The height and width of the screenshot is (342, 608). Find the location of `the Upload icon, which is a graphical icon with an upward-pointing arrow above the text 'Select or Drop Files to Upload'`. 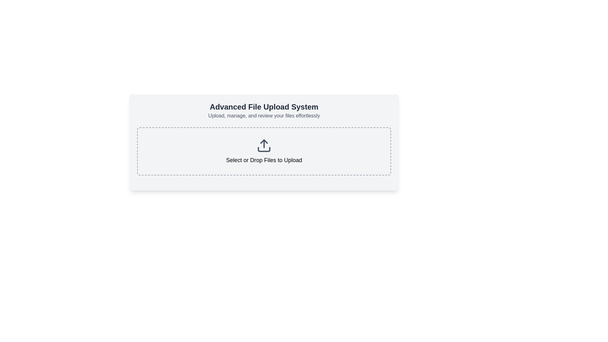

the Upload icon, which is a graphical icon with an upward-pointing arrow above the text 'Select or Drop Files to Upload' is located at coordinates (264, 145).